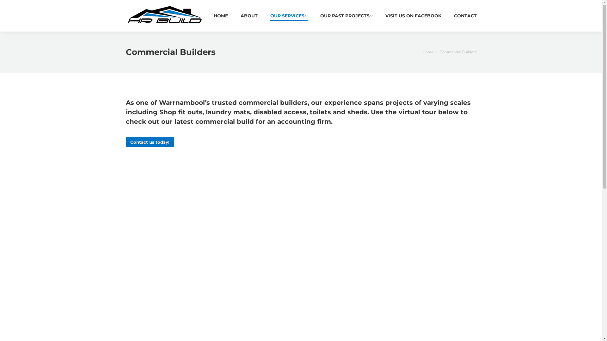  What do you see at coordinates (453, 15) in the screenshot?
I see `'CONTACT'` at bounding box center [453, 15].